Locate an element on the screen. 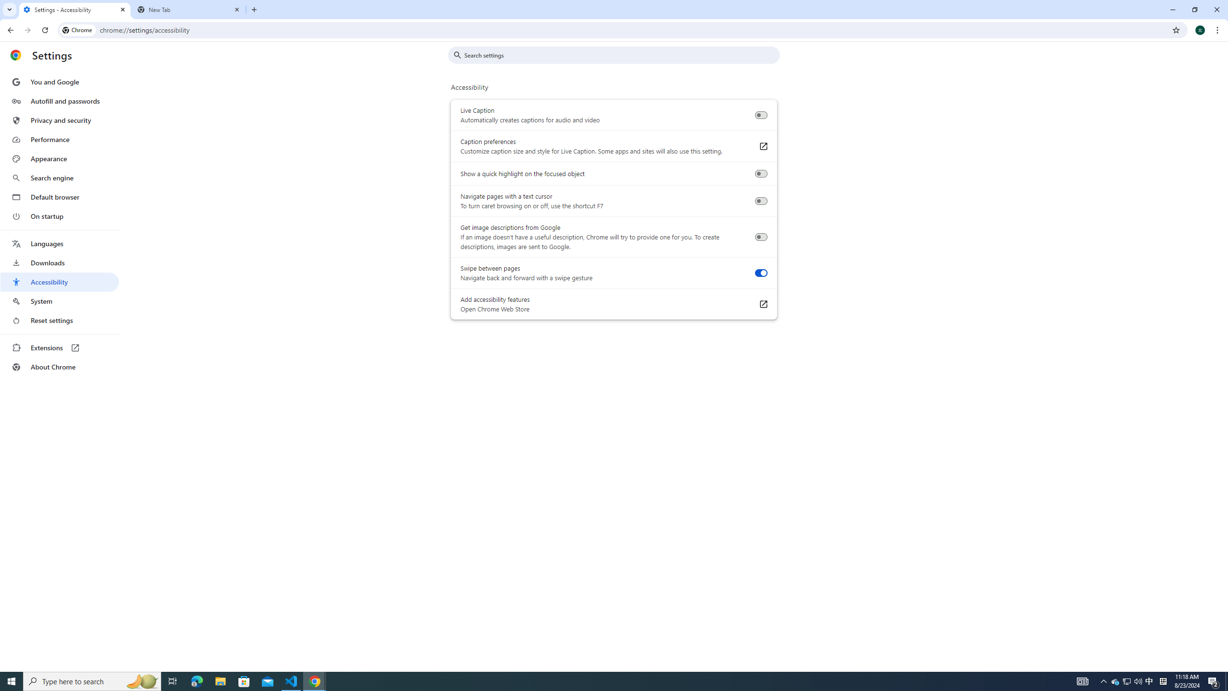 This screenshot has width=1228, height=691. 'Swipe between pages' is located at coordinates (760, 273).